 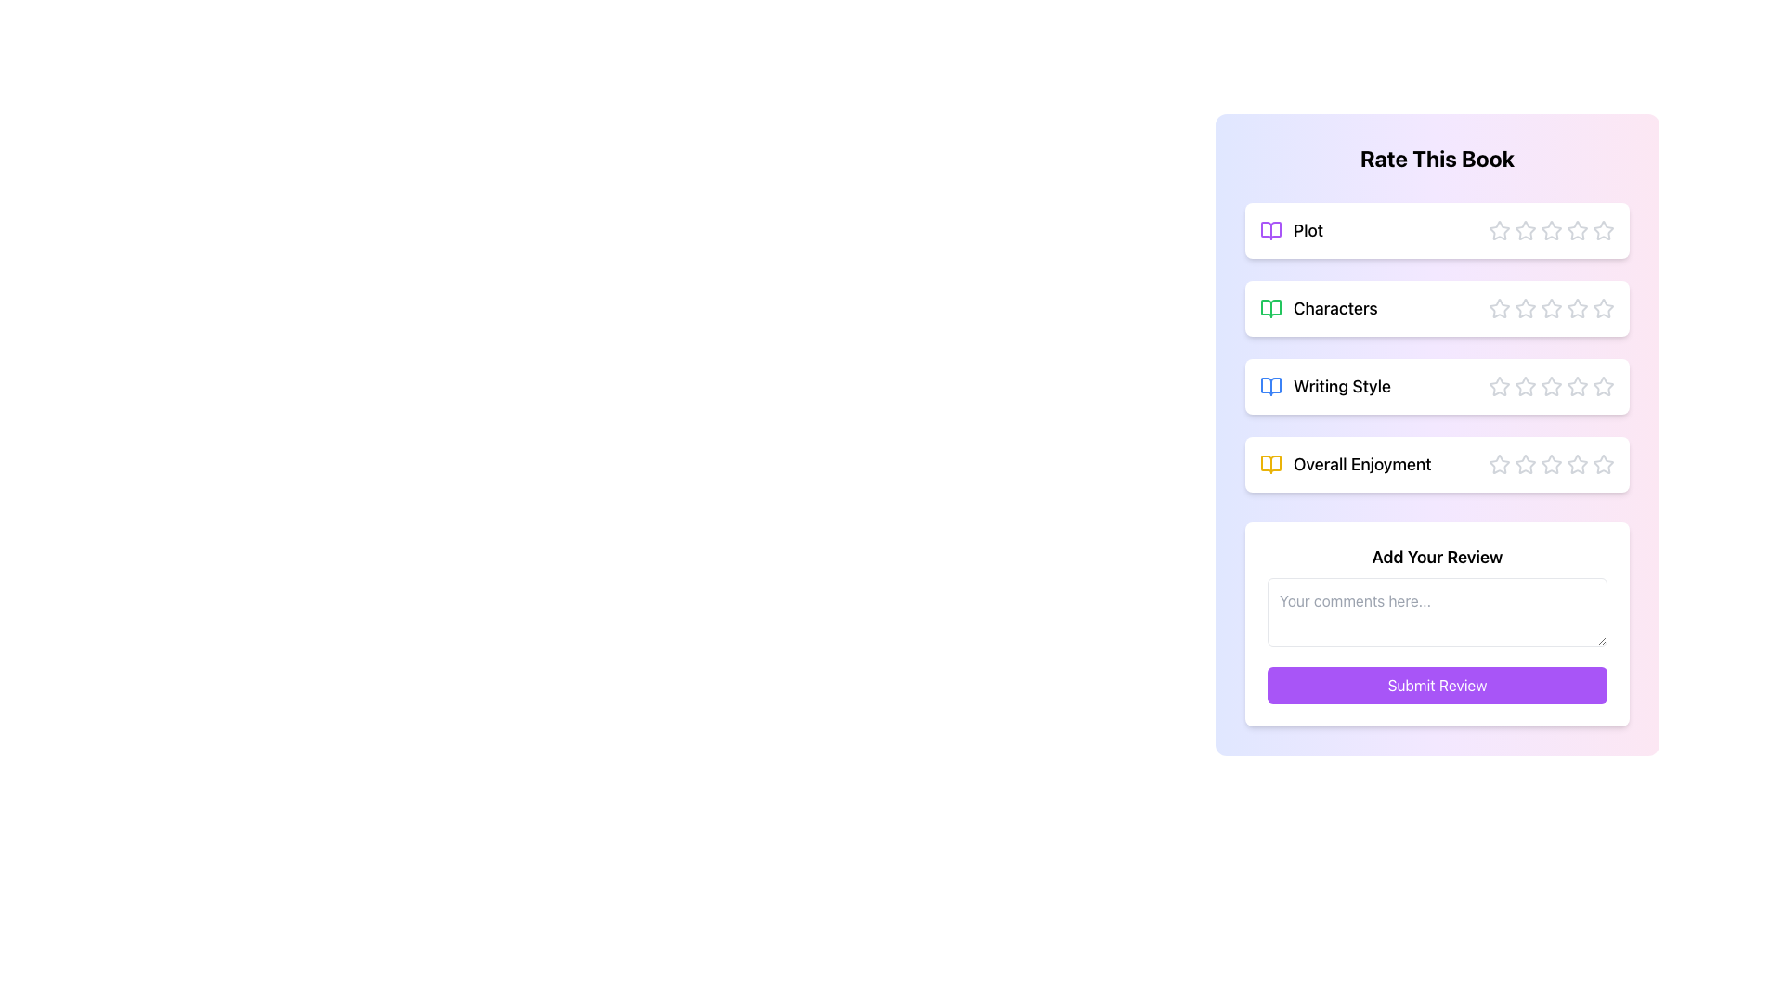 I want to click on the star in the Rating Stars Widget located in the 'Writing Style' section of the 'Rate This Book' interface, so click(x=1551, y=385).